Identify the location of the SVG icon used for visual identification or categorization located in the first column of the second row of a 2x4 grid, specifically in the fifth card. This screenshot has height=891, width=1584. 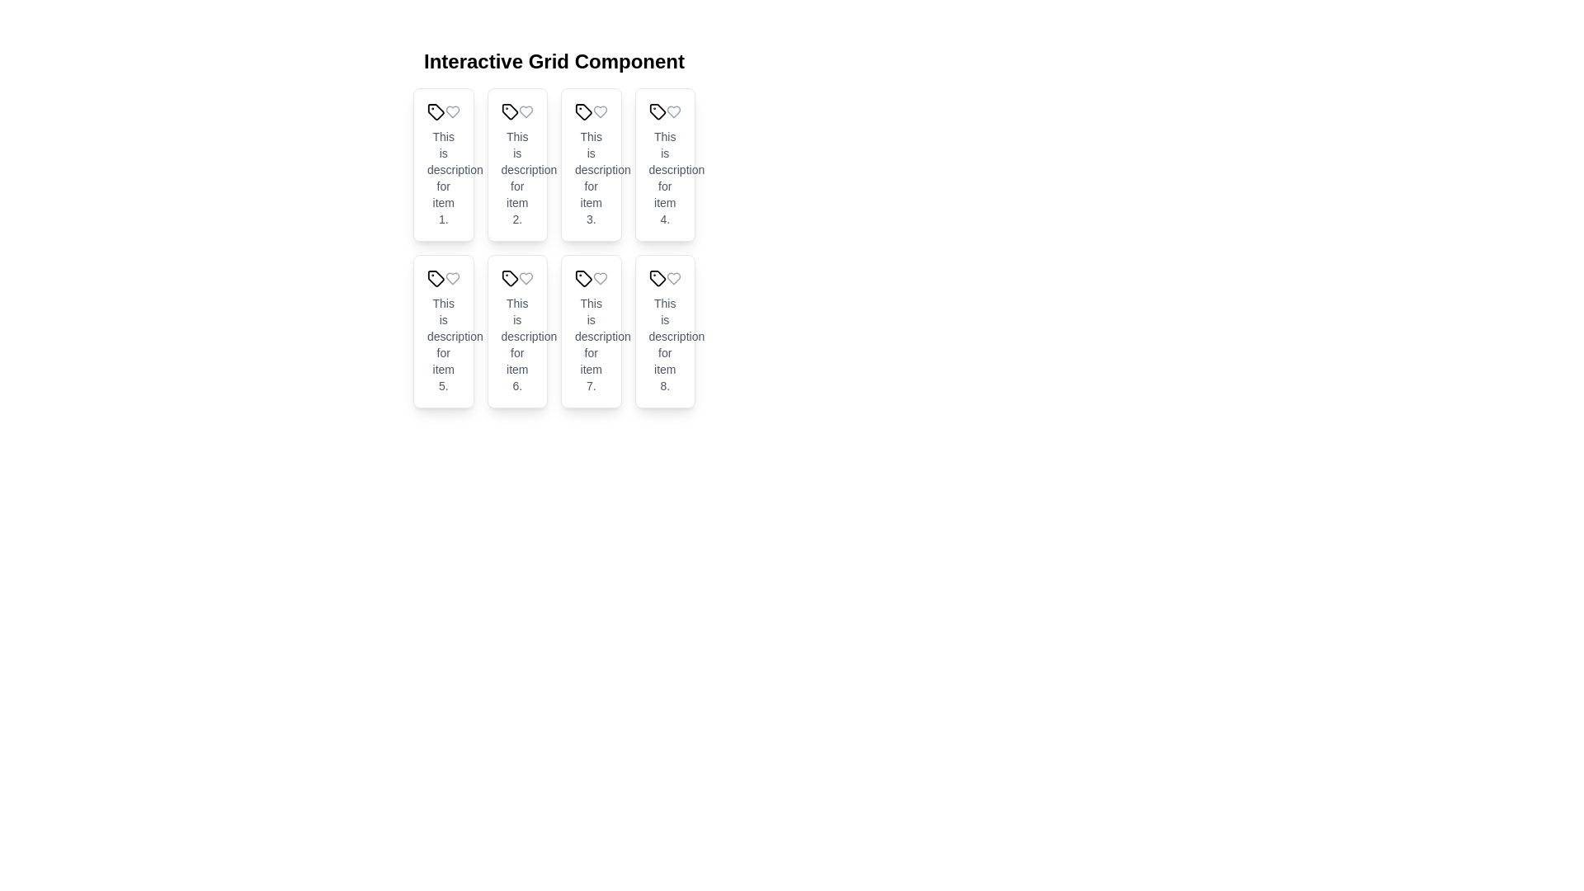
(436, 278).